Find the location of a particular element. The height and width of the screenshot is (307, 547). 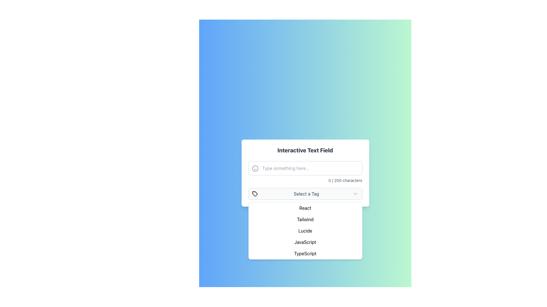

the tag-shaped icon located to the immediate left of the text 'Select a Tag' in the dropdown control is located at coordinates (254, 194).